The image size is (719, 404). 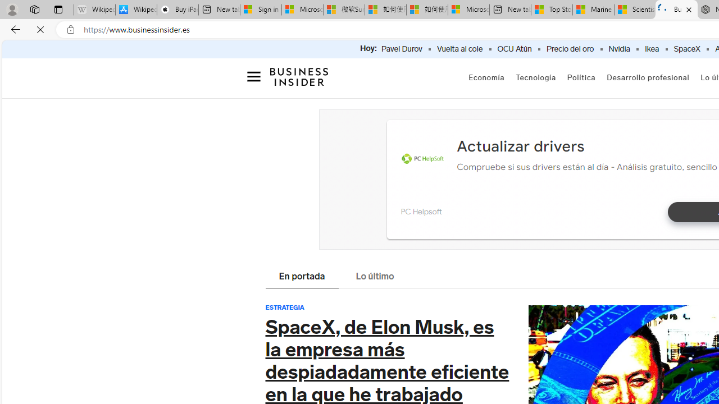 I want to click on 'En portada', so click(x=302, y=277).